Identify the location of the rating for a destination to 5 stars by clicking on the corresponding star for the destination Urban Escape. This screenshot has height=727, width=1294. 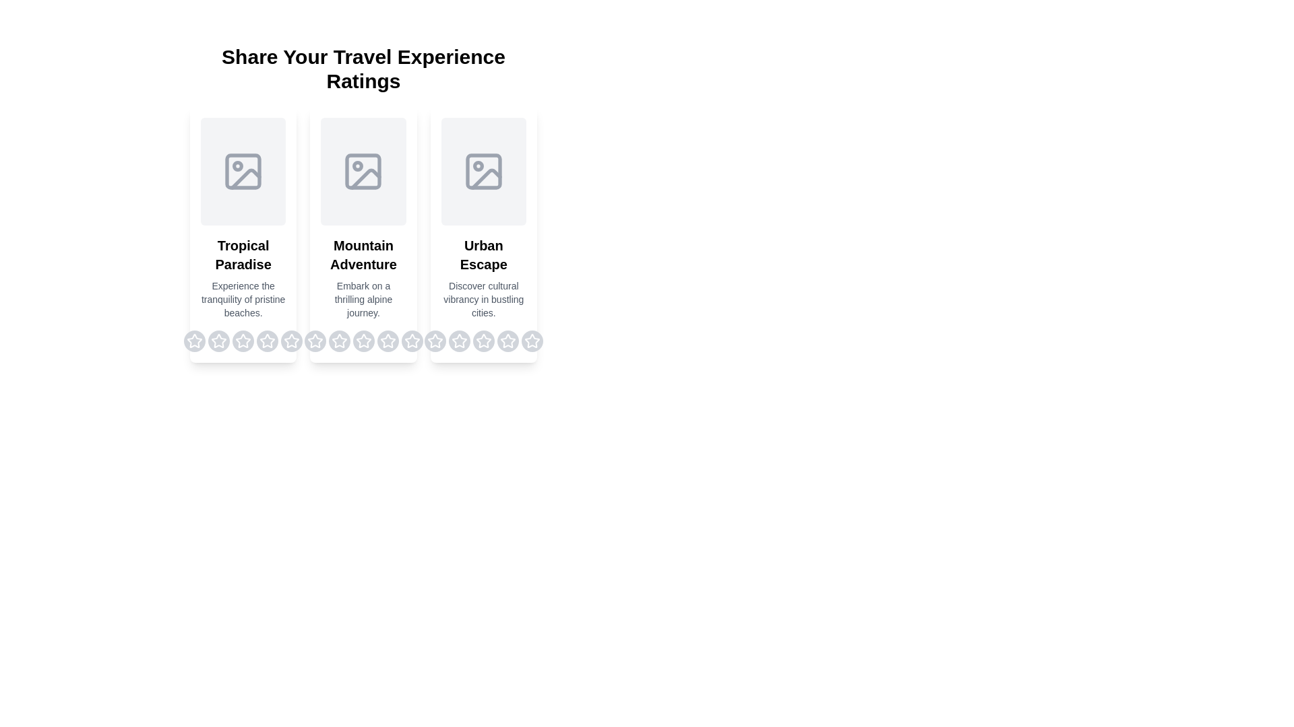
(531, 340).